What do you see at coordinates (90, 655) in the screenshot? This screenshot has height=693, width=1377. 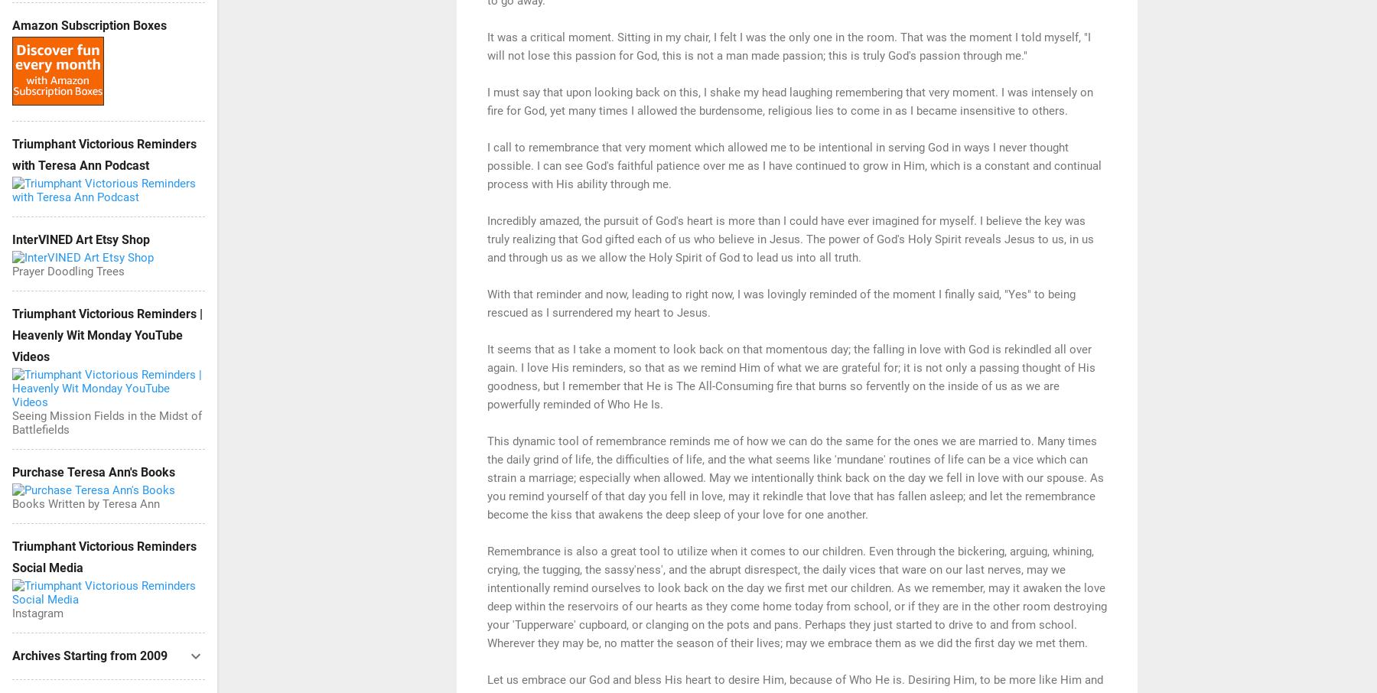 I see `'Archives Starting from 2009'` at bounding box center [90, 655].